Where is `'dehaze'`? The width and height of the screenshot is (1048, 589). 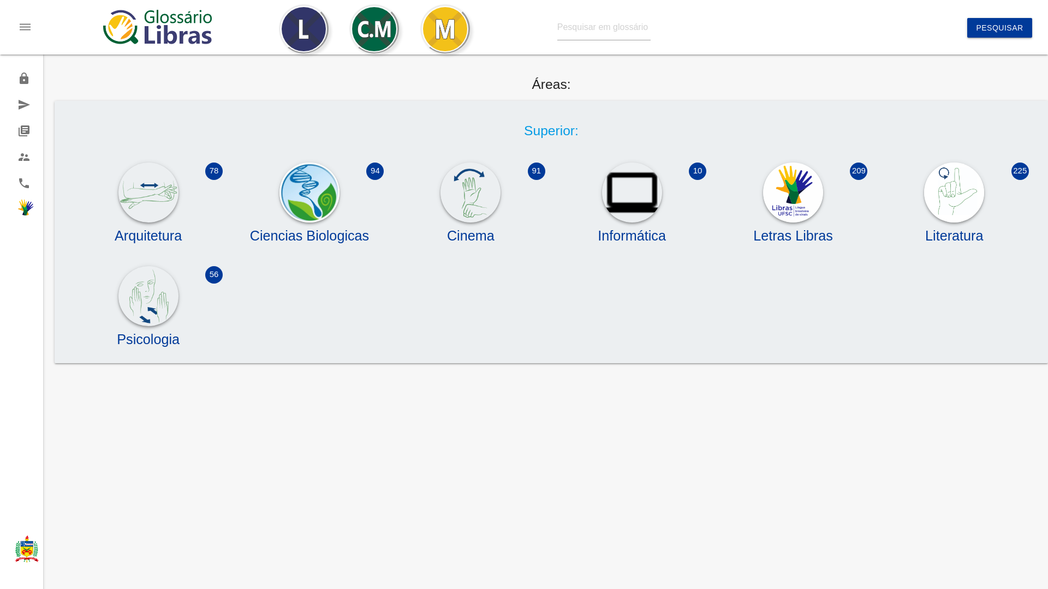 'dehaze' is located at coordinates (25, 27).